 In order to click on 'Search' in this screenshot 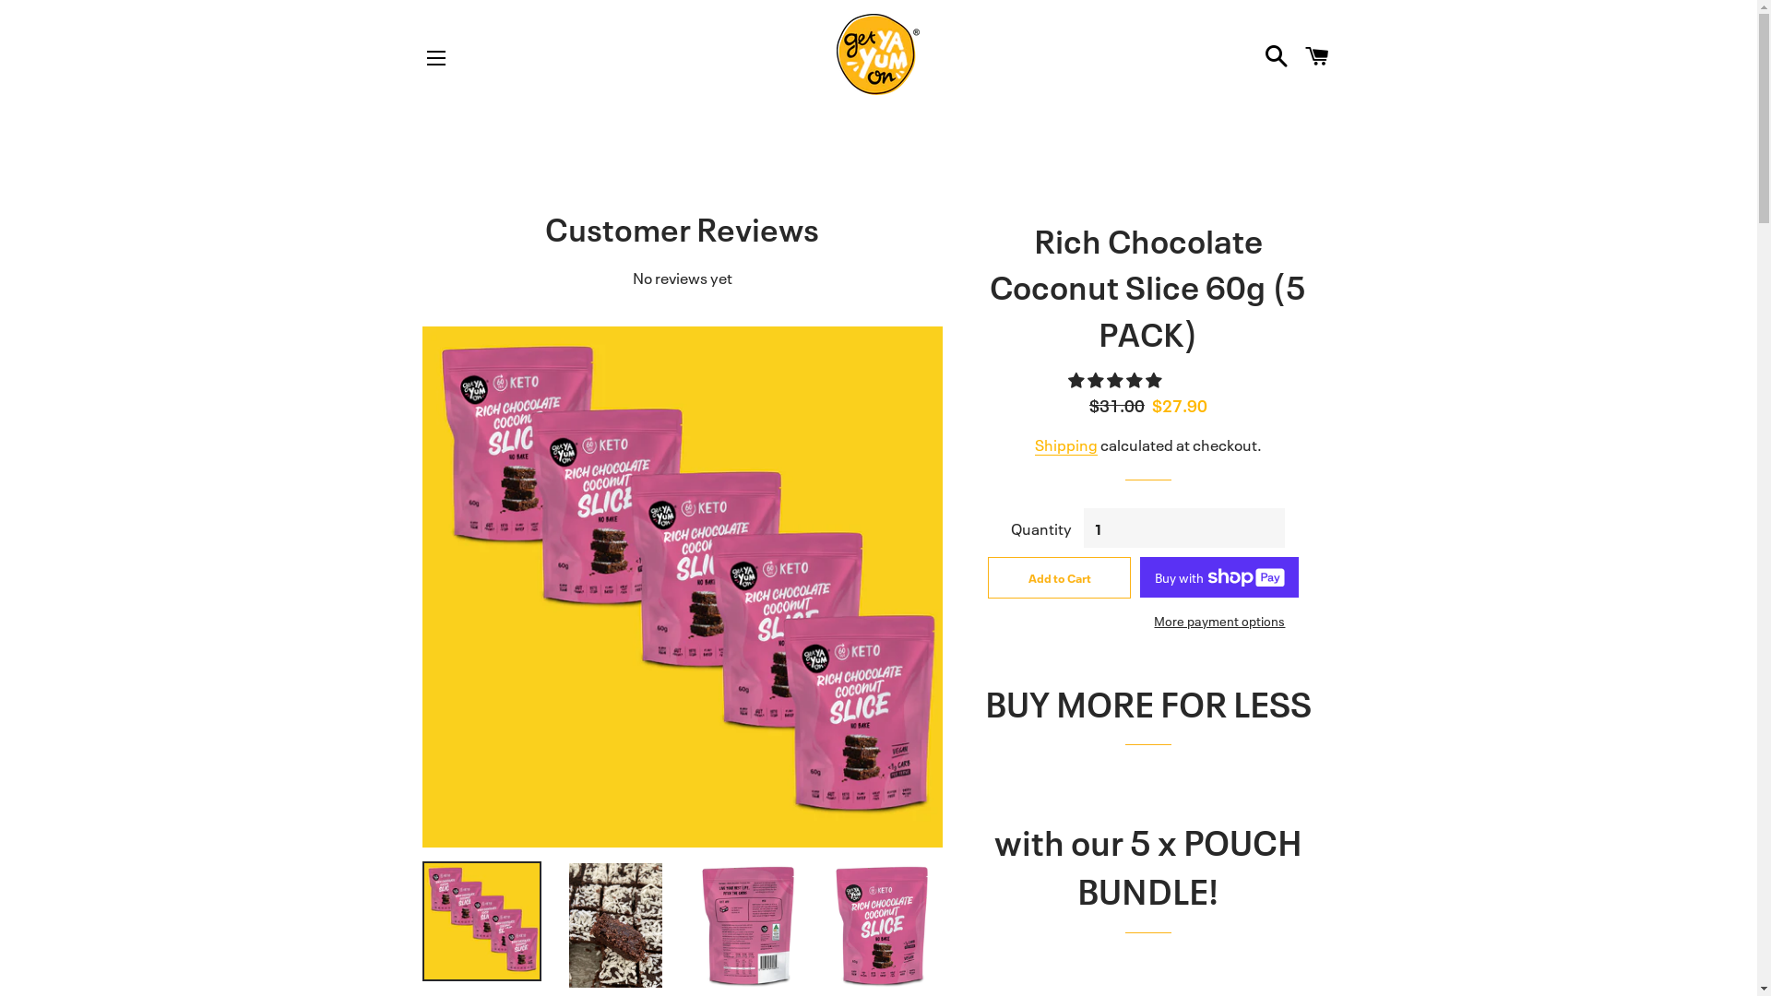, I will do `click(1275, 53)`.